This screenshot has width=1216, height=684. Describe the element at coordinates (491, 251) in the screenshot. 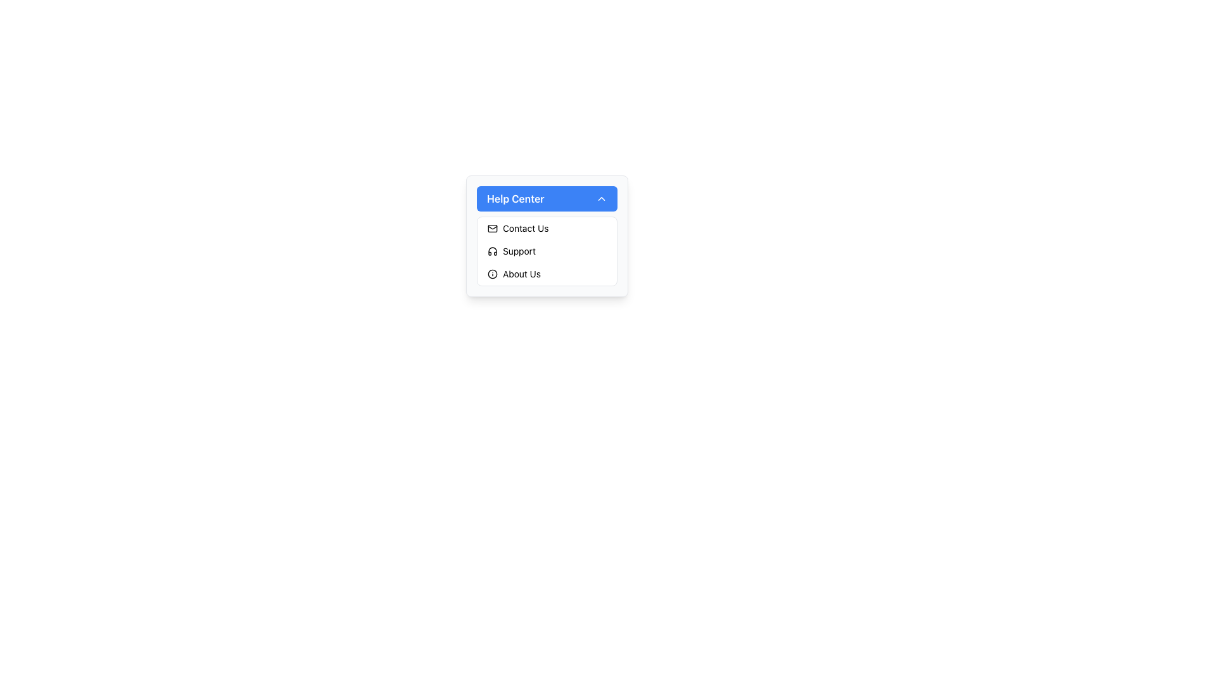

I see `the decorative icon representing the 'Support' option in the 'Help Center' dropdown menu to assist users in identifying its purpose` at that location.